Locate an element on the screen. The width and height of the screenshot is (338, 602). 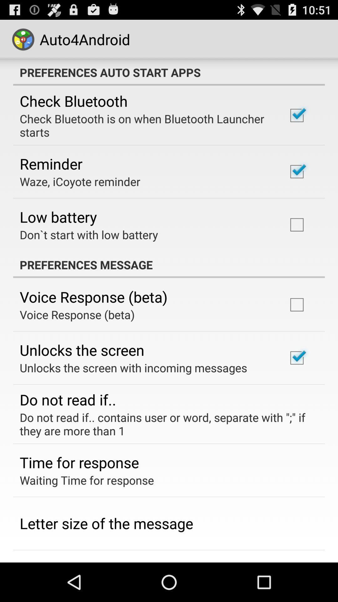
the waze, icoyote reminder is located at coordinates (79, 181).